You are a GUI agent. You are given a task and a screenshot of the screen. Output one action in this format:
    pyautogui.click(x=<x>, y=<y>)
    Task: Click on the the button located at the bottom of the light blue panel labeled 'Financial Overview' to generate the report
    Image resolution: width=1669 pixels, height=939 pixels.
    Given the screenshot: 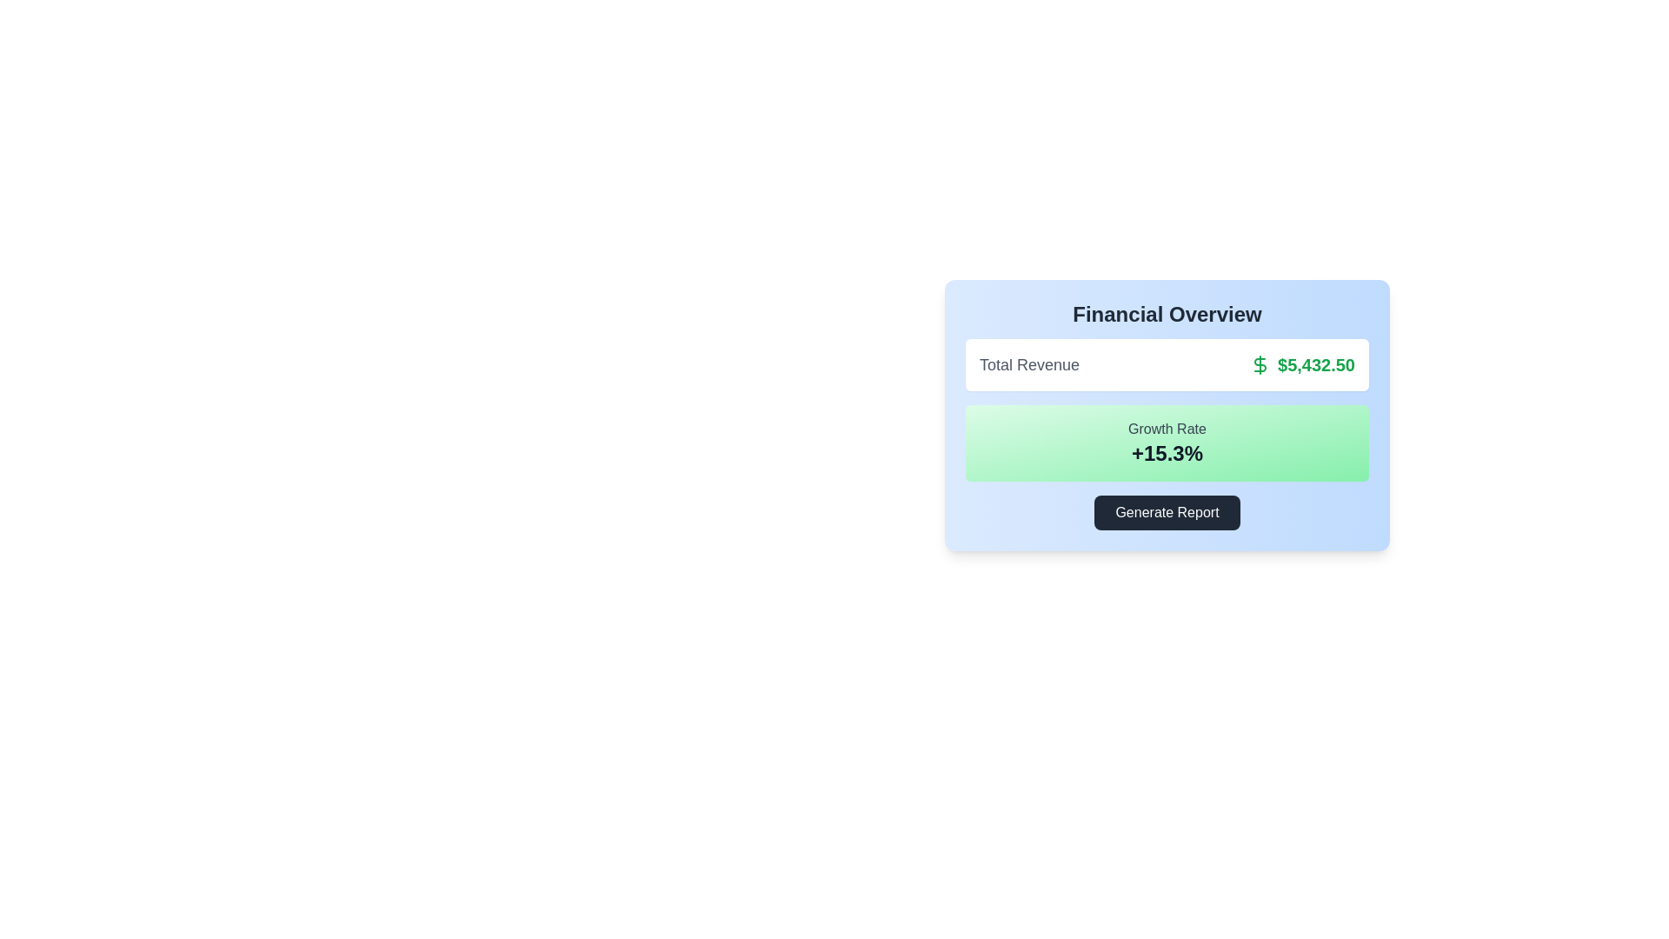 What is the action you would take?
    pyautogui.click(x=1167, y=512)
    